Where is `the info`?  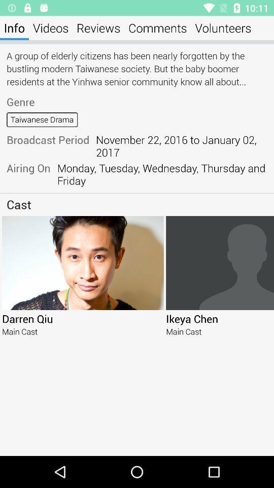 the info is located at coordinates (14, 27).